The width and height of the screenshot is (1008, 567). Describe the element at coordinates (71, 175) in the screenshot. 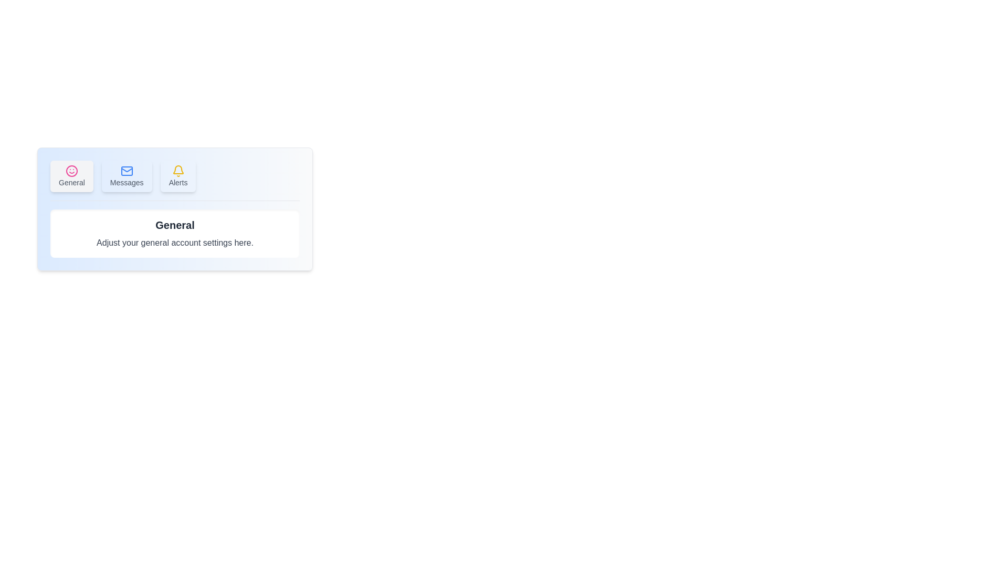

I see `the General tab by clicking on its button` at that location.